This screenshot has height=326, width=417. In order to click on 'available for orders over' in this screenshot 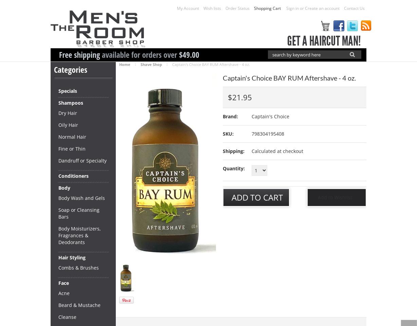, I will do `click(139, 54)`.